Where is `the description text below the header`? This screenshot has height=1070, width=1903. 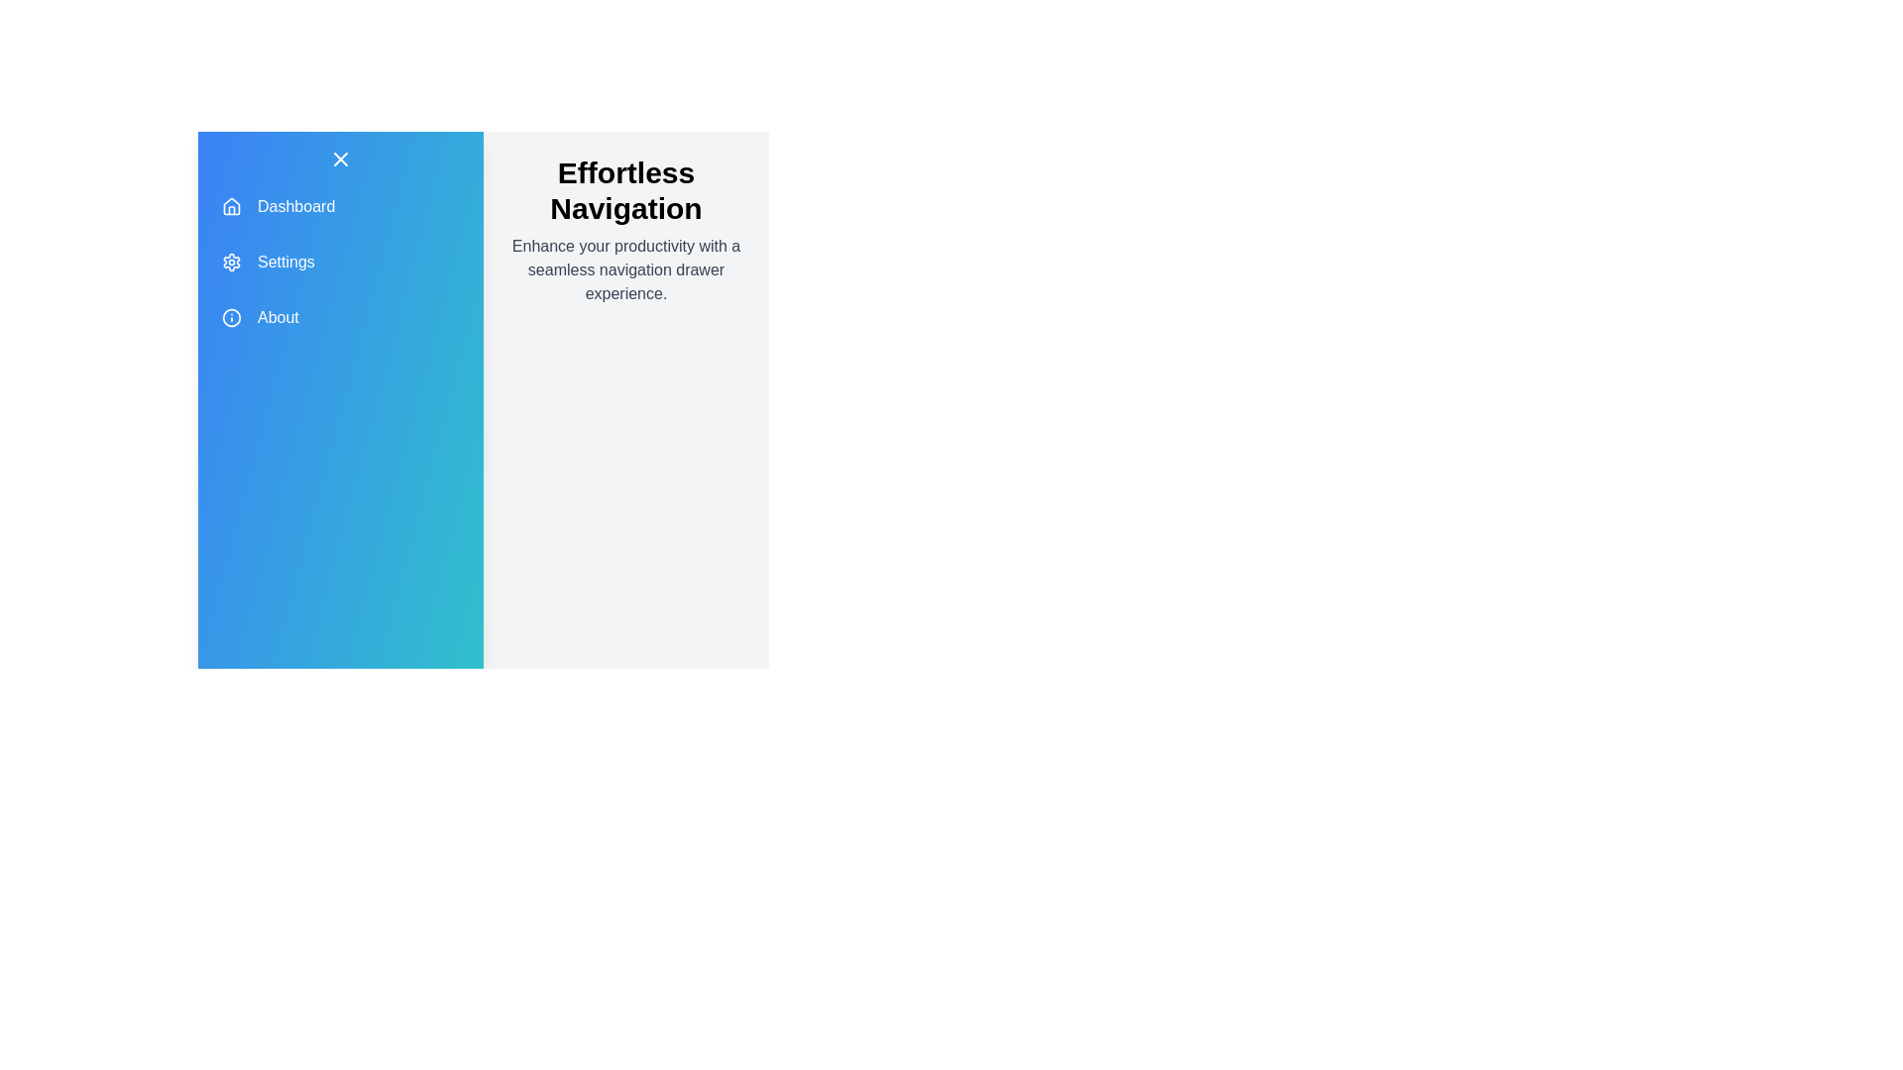 the description text below the header is located at coordinates (625, 270).